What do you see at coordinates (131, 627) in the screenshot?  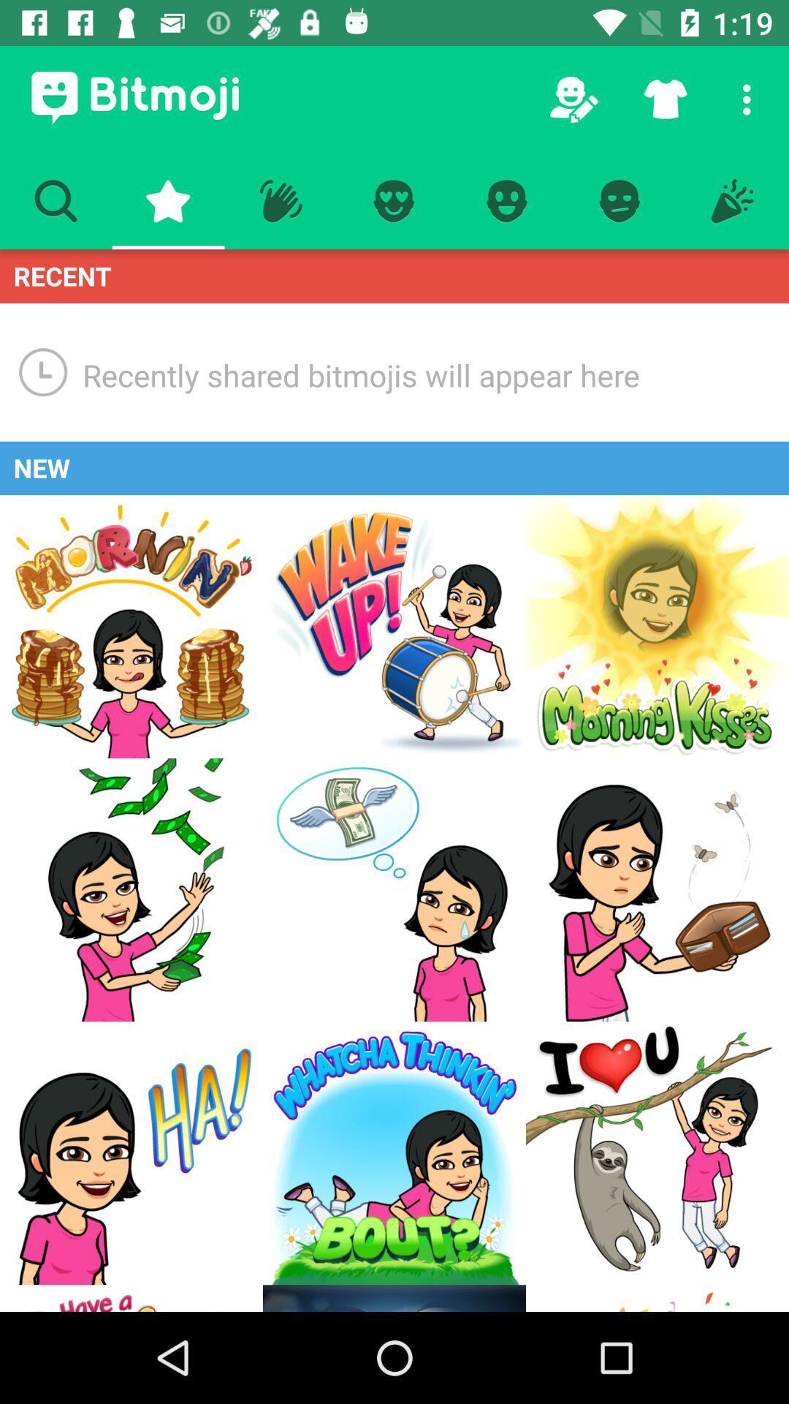 I see `this graphic` at bounding box center [131, 627].